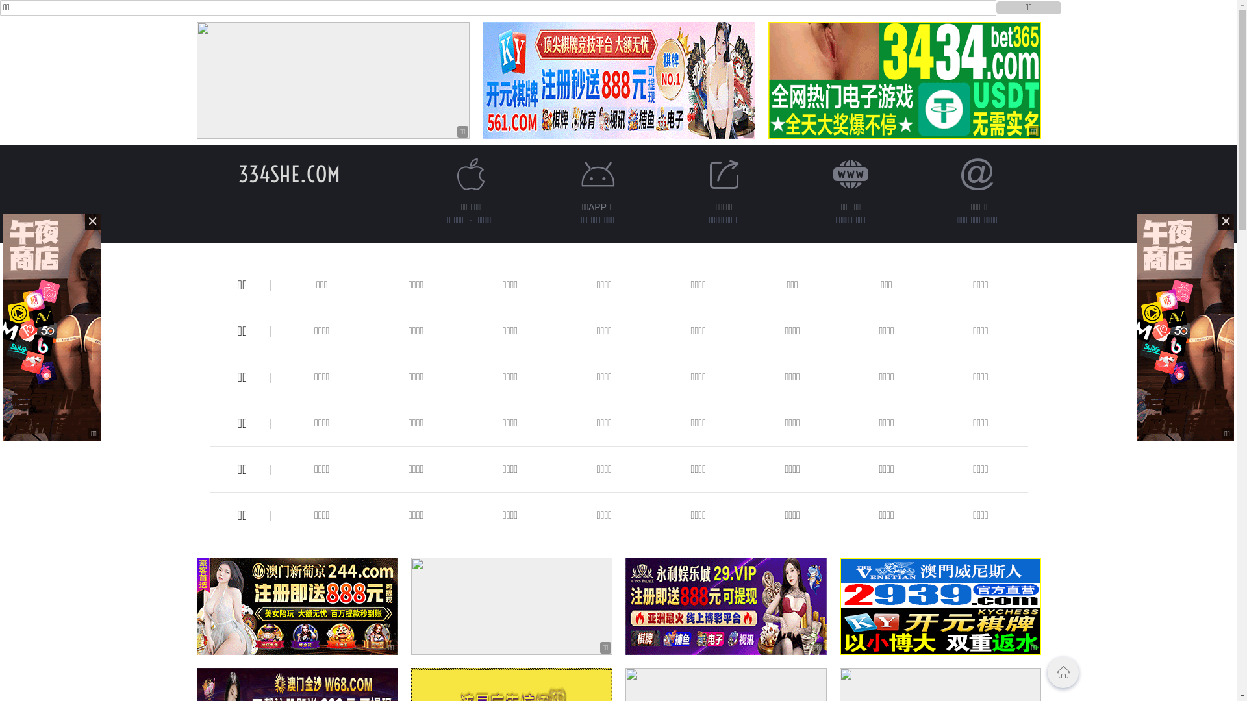 Image resolution: width=1247 pixels, height=701 pixels. Describe the element at coordinates (288, 173) in the screenshot. I see `'334SHE.COM'` at that location.